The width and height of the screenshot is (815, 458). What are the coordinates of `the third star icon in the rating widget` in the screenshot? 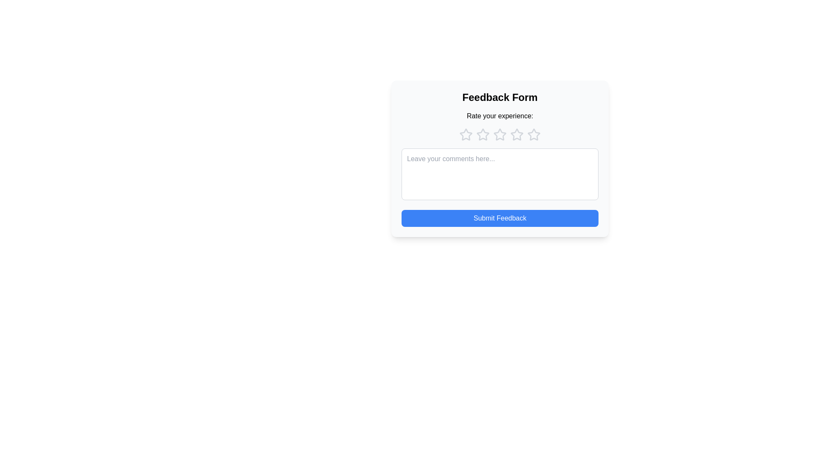 It's located at (500, 134).